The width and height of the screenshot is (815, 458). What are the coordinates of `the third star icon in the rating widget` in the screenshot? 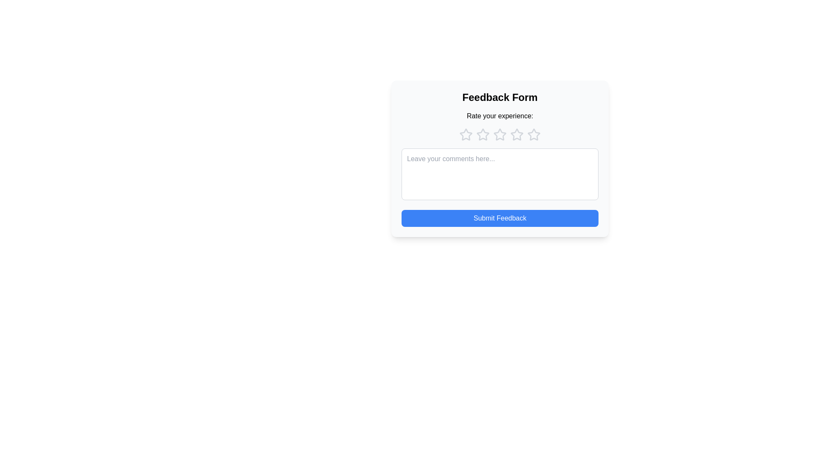 It's located at (500, 134).